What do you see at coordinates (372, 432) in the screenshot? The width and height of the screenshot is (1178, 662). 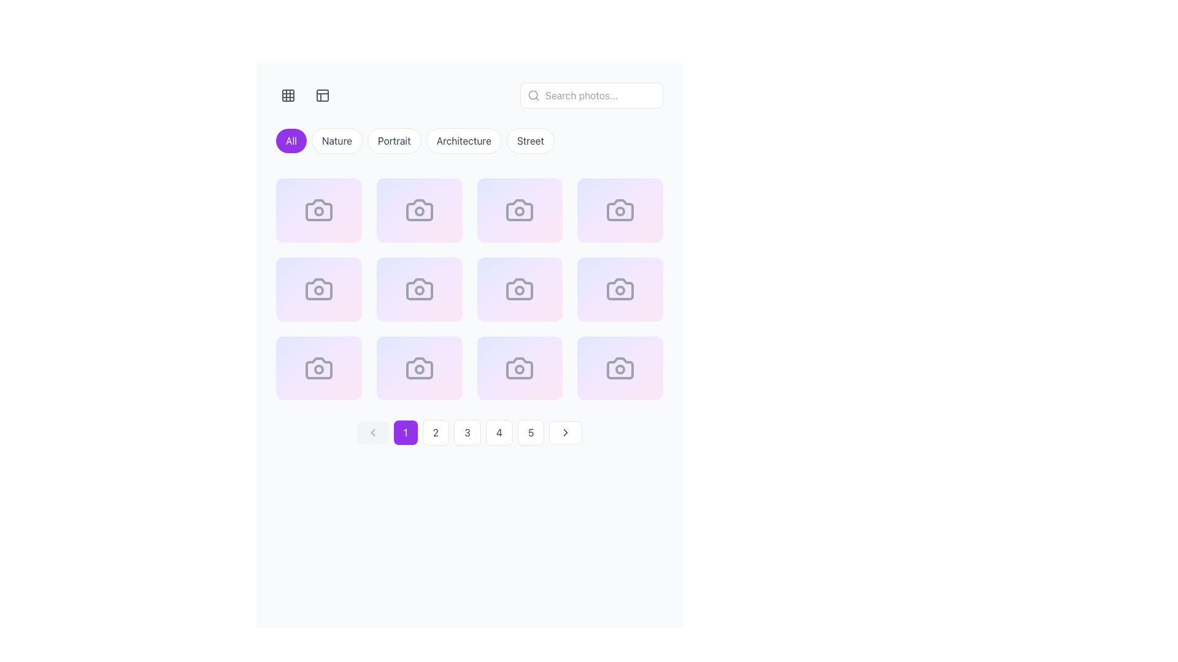 I see `the left-pointing chevron icon within the disabled button in the pagination controls section, located at the bottom-left, to the left of the '1' page number button` at bounding box center [372, 432].